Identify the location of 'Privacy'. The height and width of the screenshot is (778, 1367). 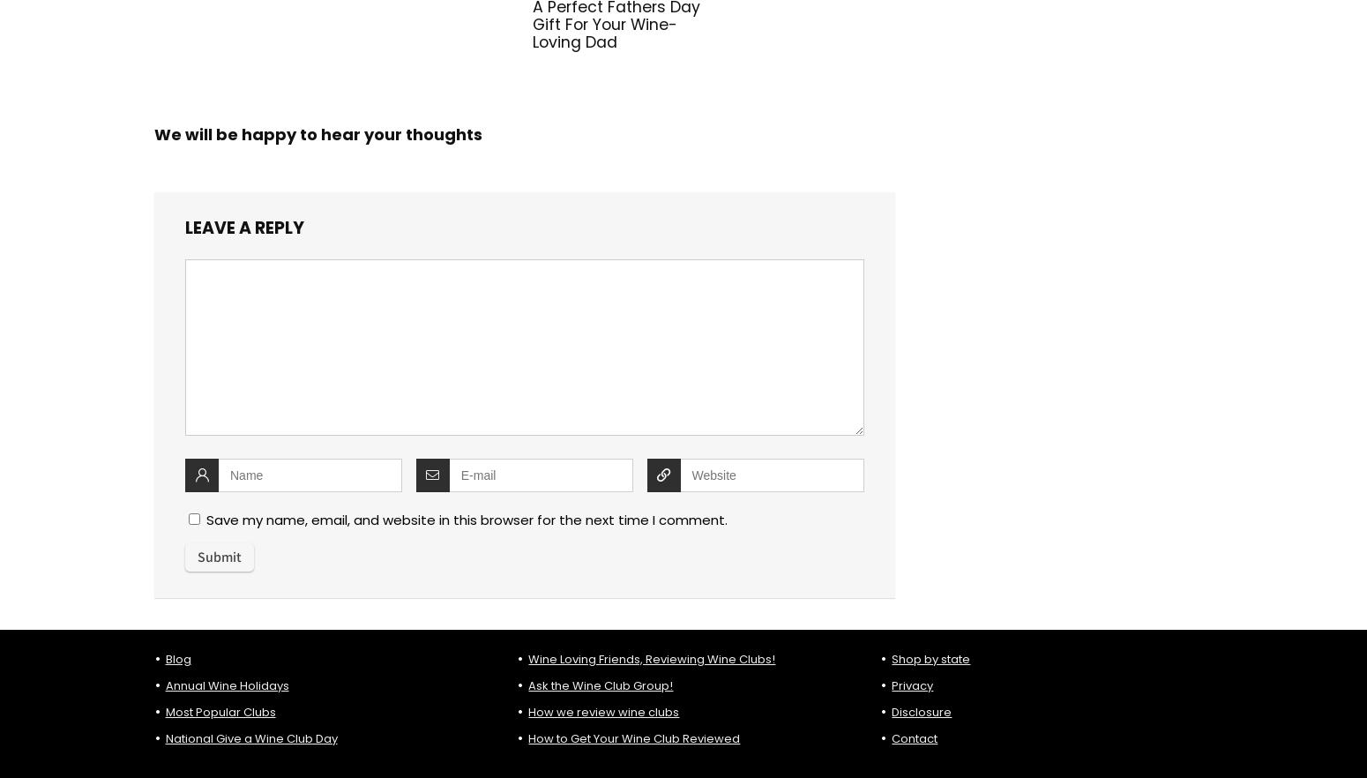
(912, 684).